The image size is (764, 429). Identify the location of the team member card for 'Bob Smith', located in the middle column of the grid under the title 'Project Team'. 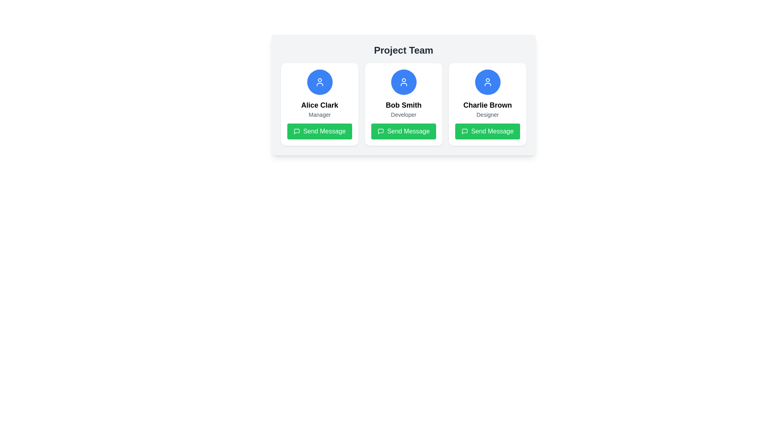
(403, 104).